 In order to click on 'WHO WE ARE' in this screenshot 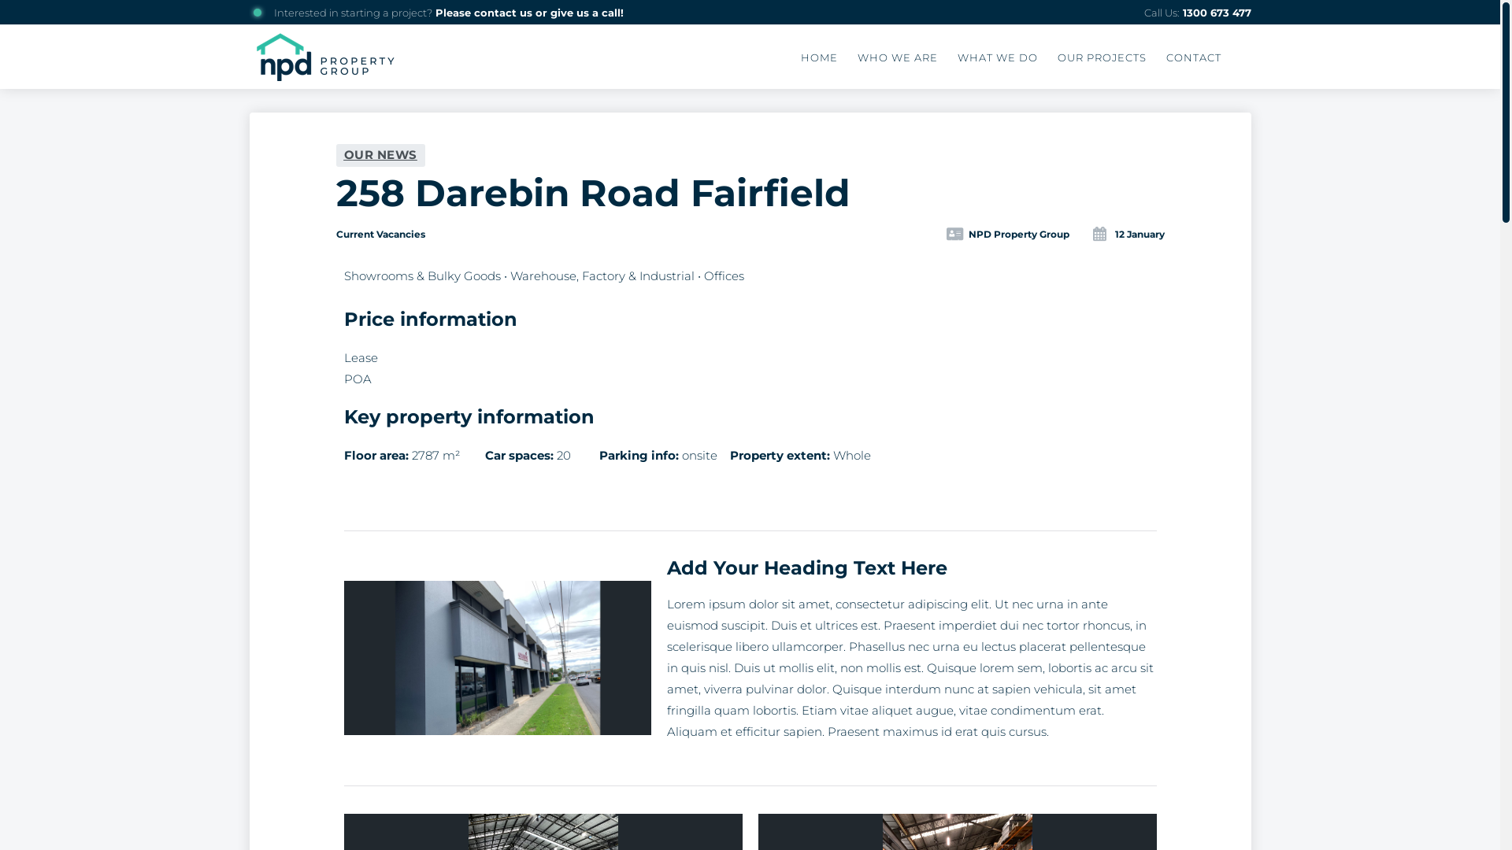, I will do `click(898, 57)`.